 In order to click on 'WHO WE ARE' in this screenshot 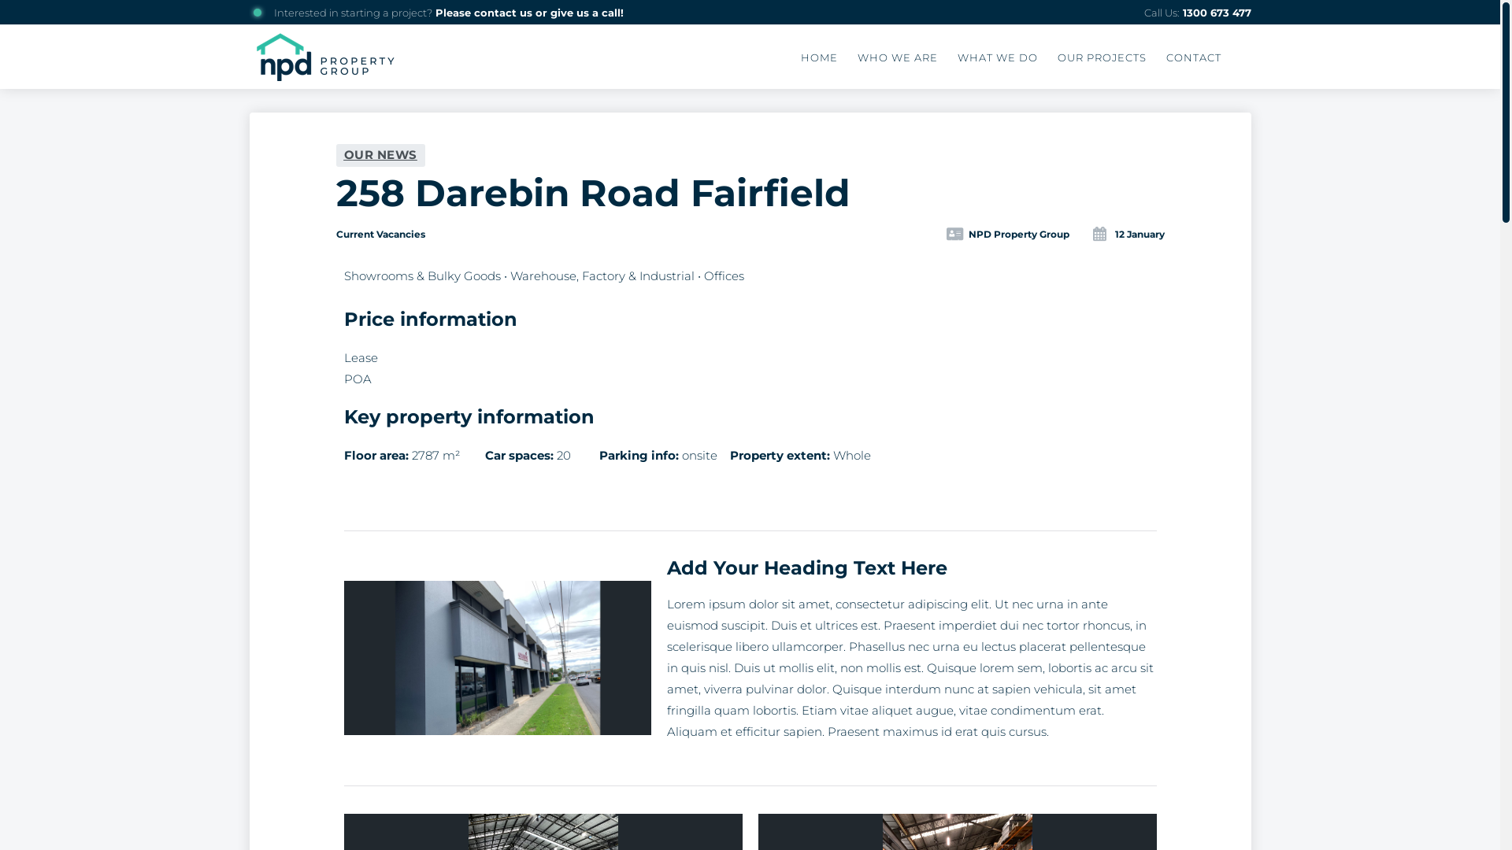, I will do `click(898, 57)`.